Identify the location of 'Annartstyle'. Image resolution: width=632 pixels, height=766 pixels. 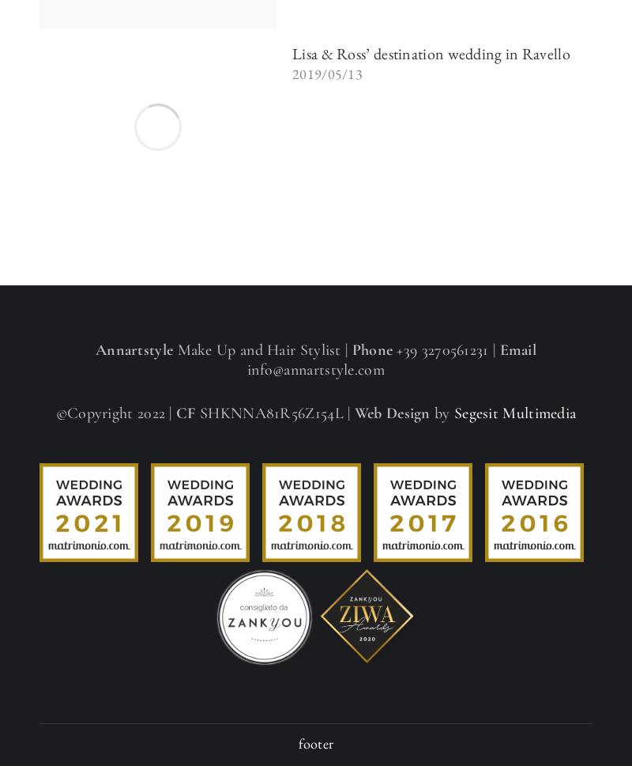
(133, 350).